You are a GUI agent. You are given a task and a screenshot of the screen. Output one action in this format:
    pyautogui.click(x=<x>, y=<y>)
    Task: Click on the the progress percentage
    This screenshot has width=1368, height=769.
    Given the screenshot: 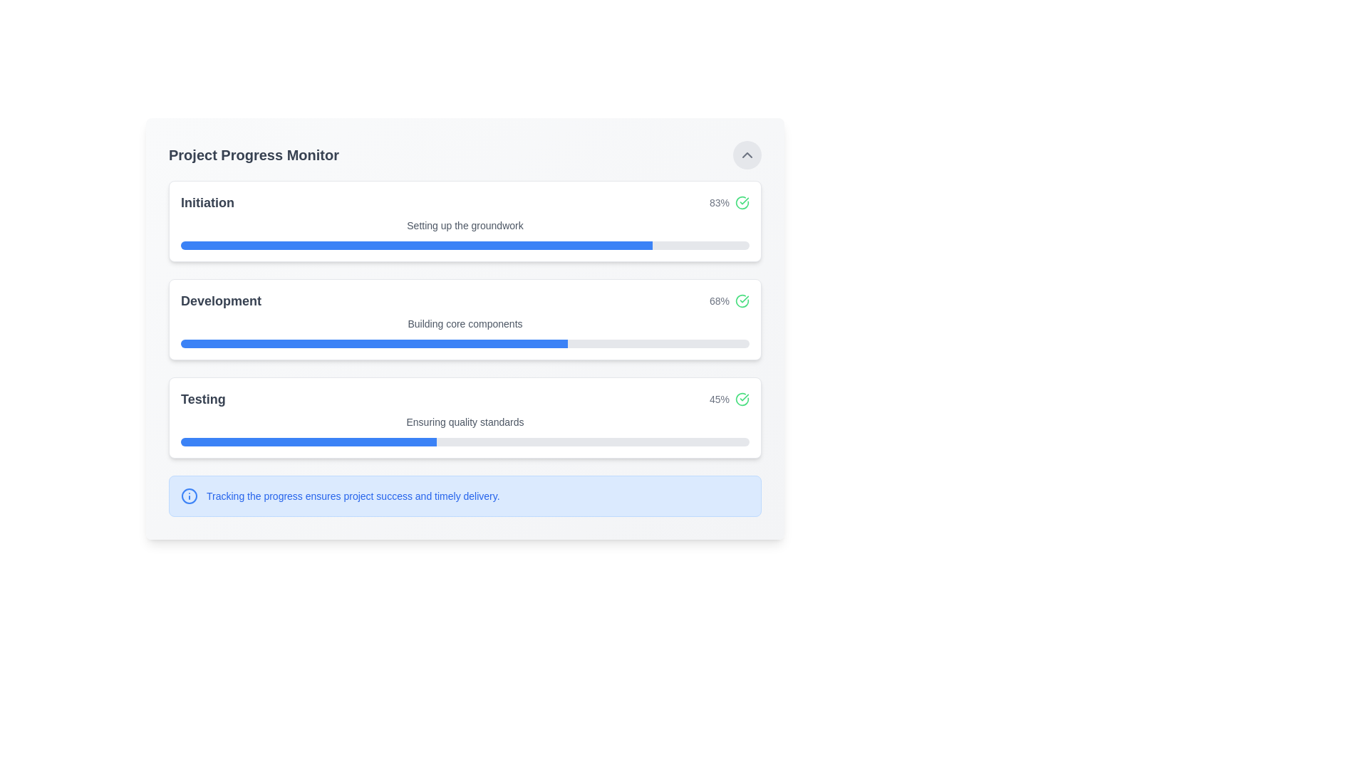 What is the action you would take?
    pyautogui.click(x=366, y=343)
    